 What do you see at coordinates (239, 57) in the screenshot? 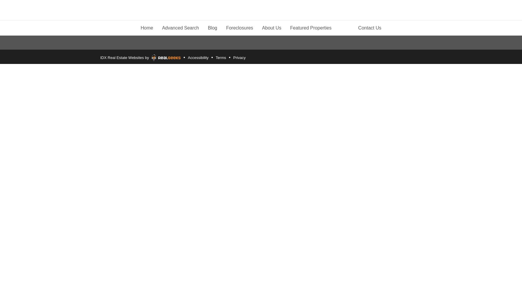
I see `'Privacy'` at bounding box center [239, 57].